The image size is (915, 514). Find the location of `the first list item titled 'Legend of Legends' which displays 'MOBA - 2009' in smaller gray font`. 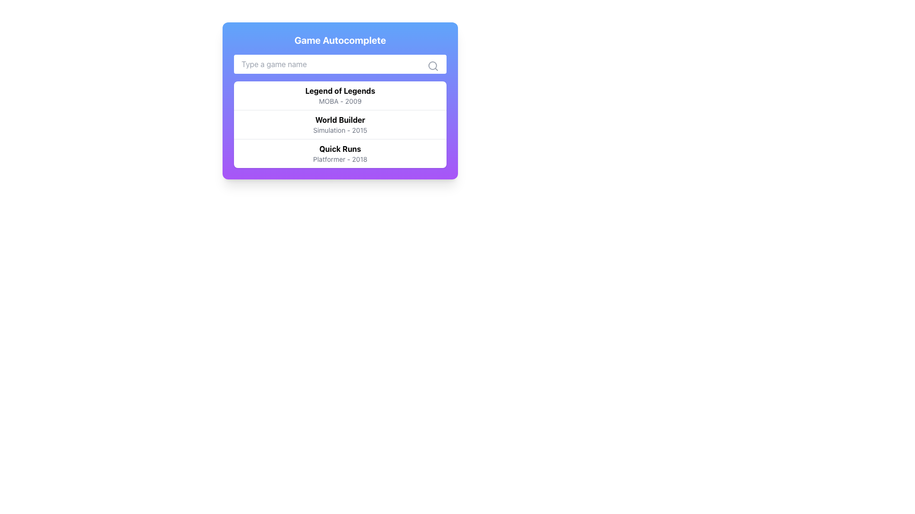

the first list item titled 'Legend of Legends' which displays 'MOBA - 2009' in smaller gray font is located at coordinates (340, 95).